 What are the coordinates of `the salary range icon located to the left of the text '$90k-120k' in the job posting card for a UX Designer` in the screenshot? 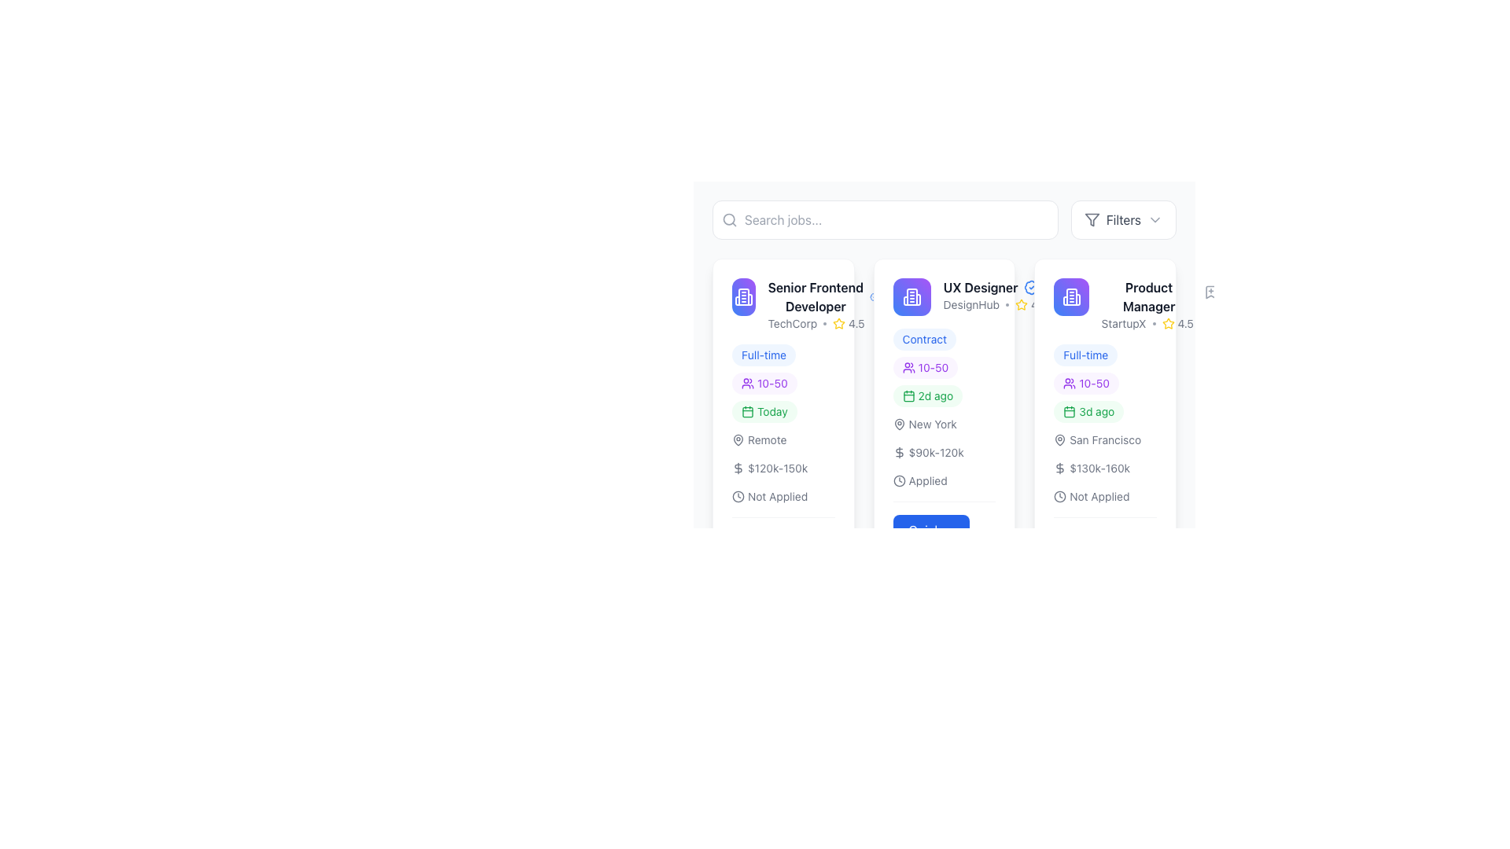 It's located at (899, 452).